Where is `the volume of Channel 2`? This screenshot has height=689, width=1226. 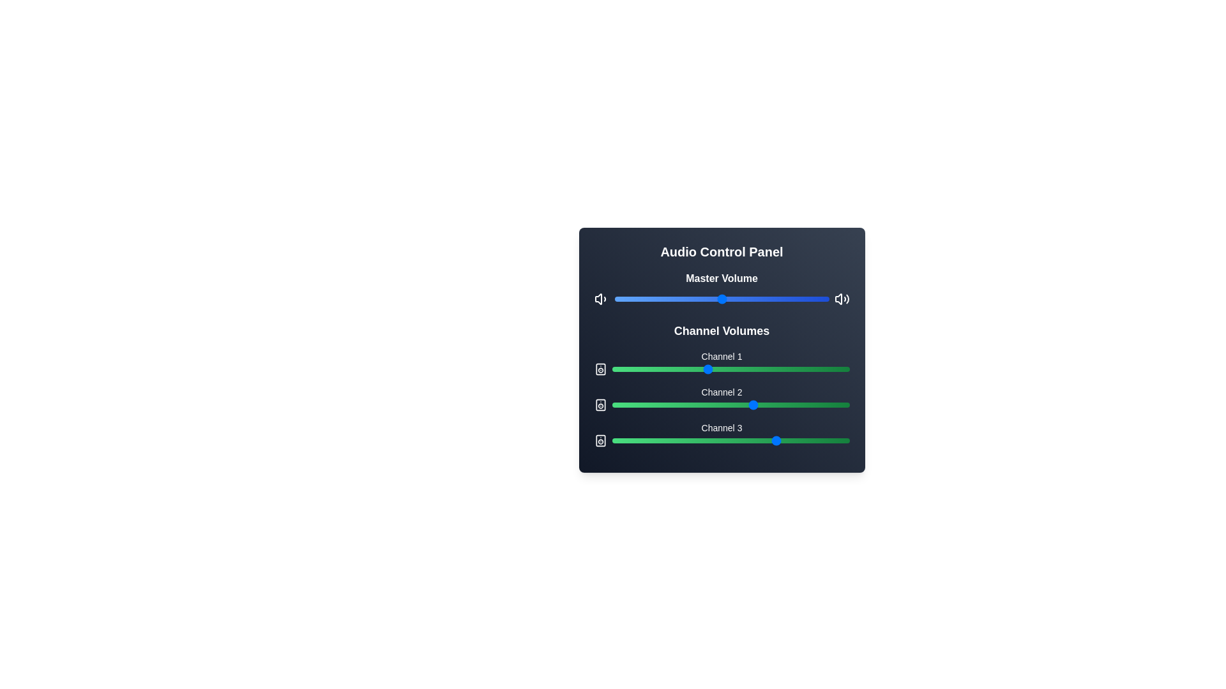
the volume of Channel 2 is located at coordinates (692, 405).